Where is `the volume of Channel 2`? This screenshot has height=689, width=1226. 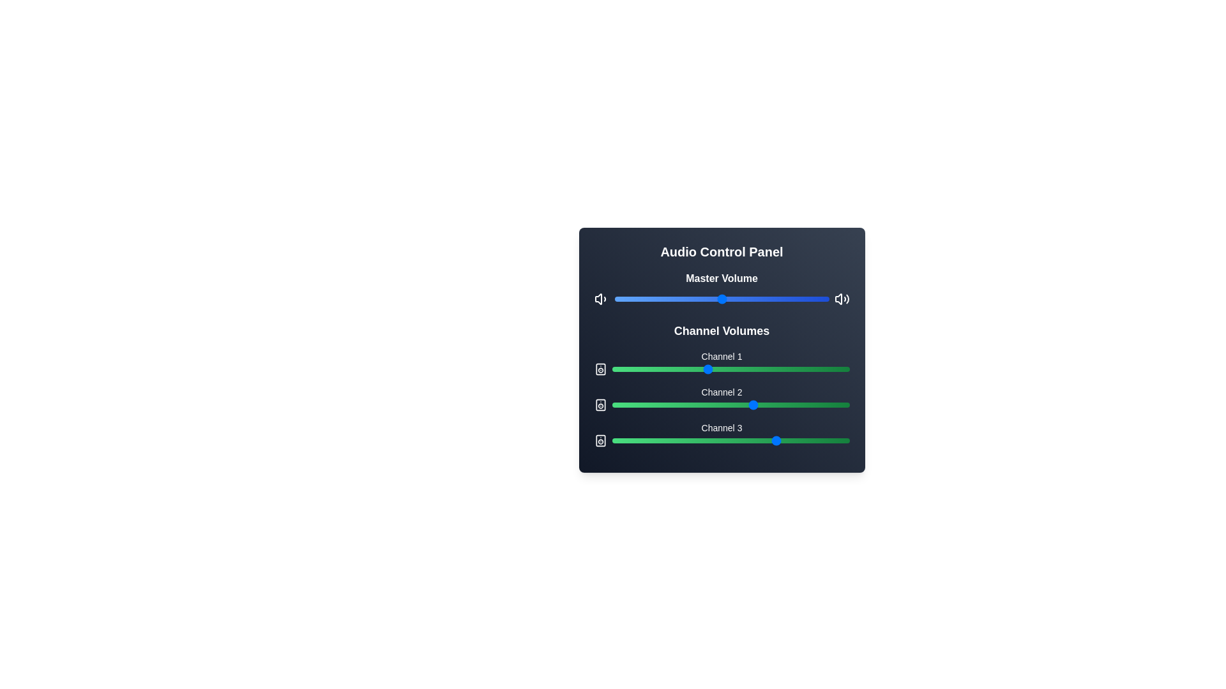
the volume of Channel 2 is located at coordinates (692, 405).